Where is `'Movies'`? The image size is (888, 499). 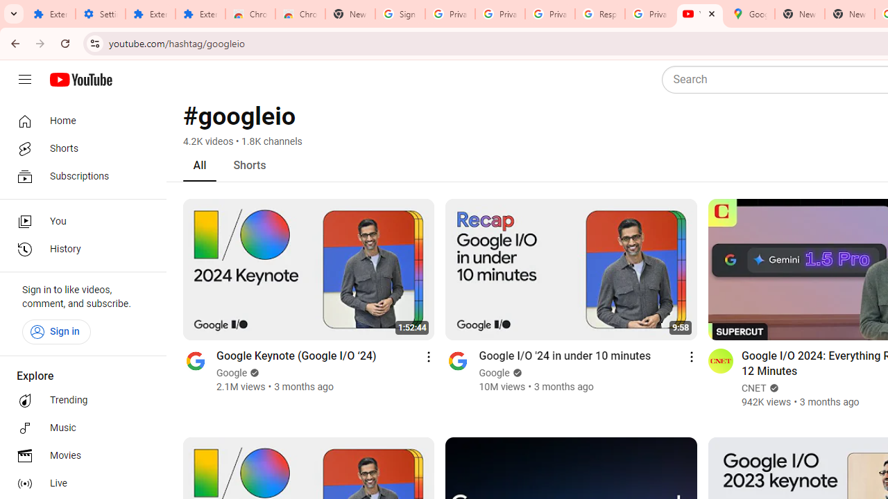
'Movies' is located at coordinates (78, 456).